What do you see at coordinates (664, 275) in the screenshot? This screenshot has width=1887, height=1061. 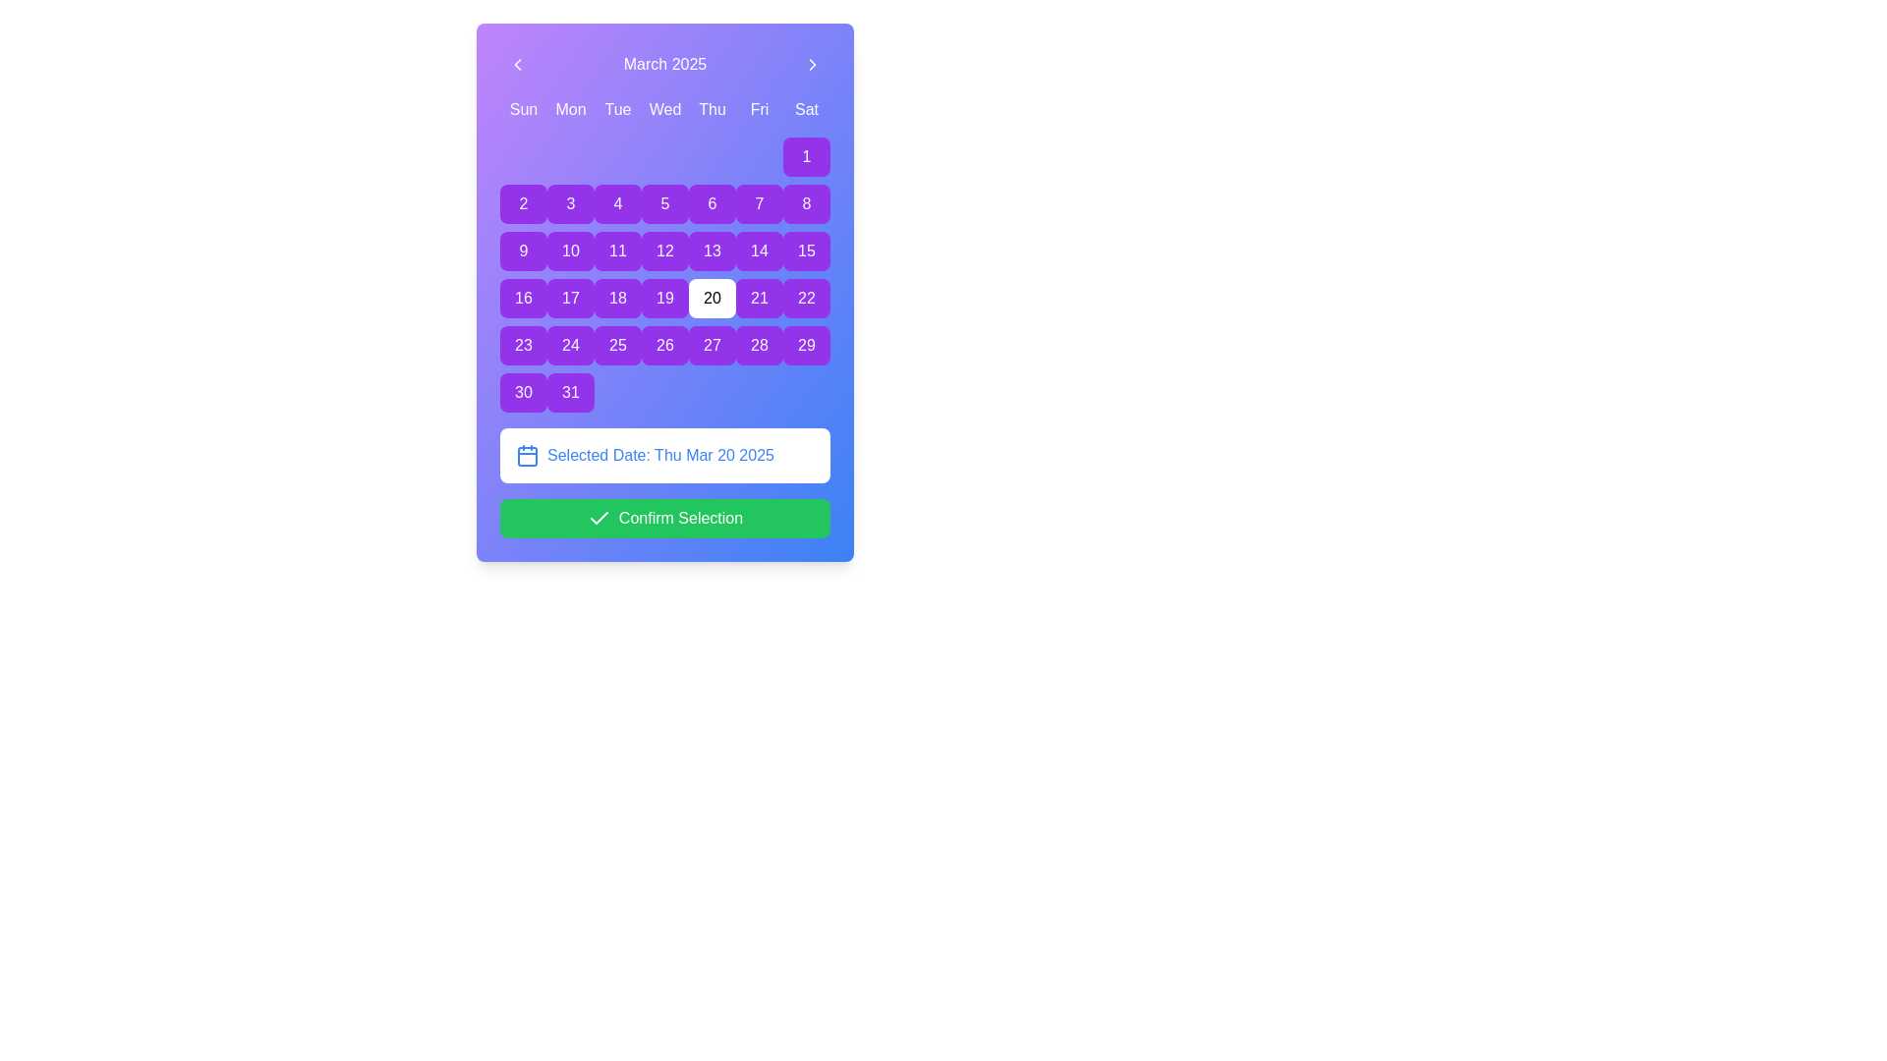 I see `the date cell in the calendar grid, which is part of the card layout under the heading 'March 2025'` at bounding box center [664, 275].